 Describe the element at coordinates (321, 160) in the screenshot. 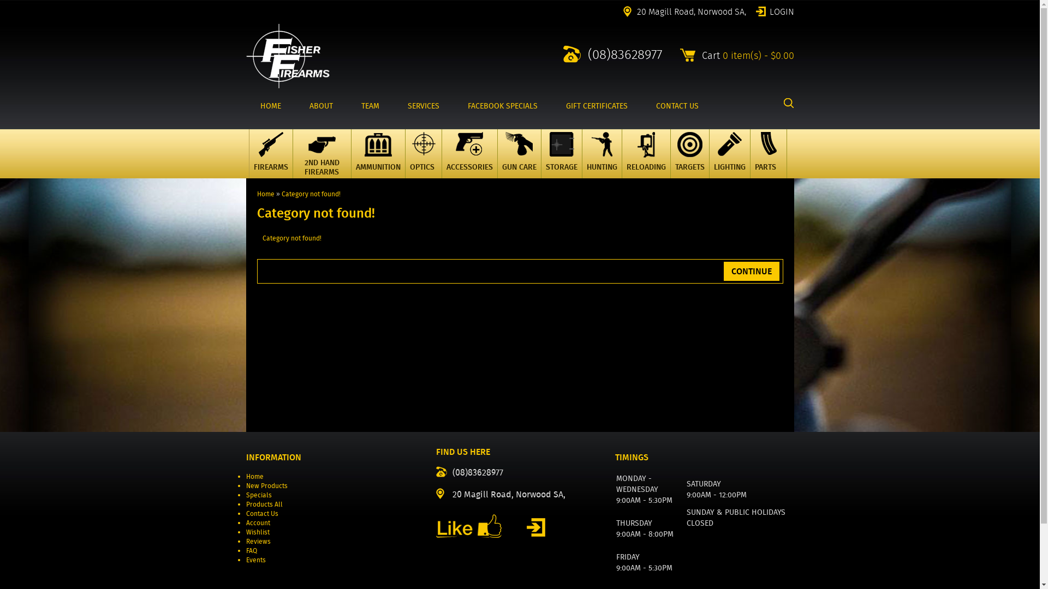

I see `'2nd Hand Firearms'` at that location.